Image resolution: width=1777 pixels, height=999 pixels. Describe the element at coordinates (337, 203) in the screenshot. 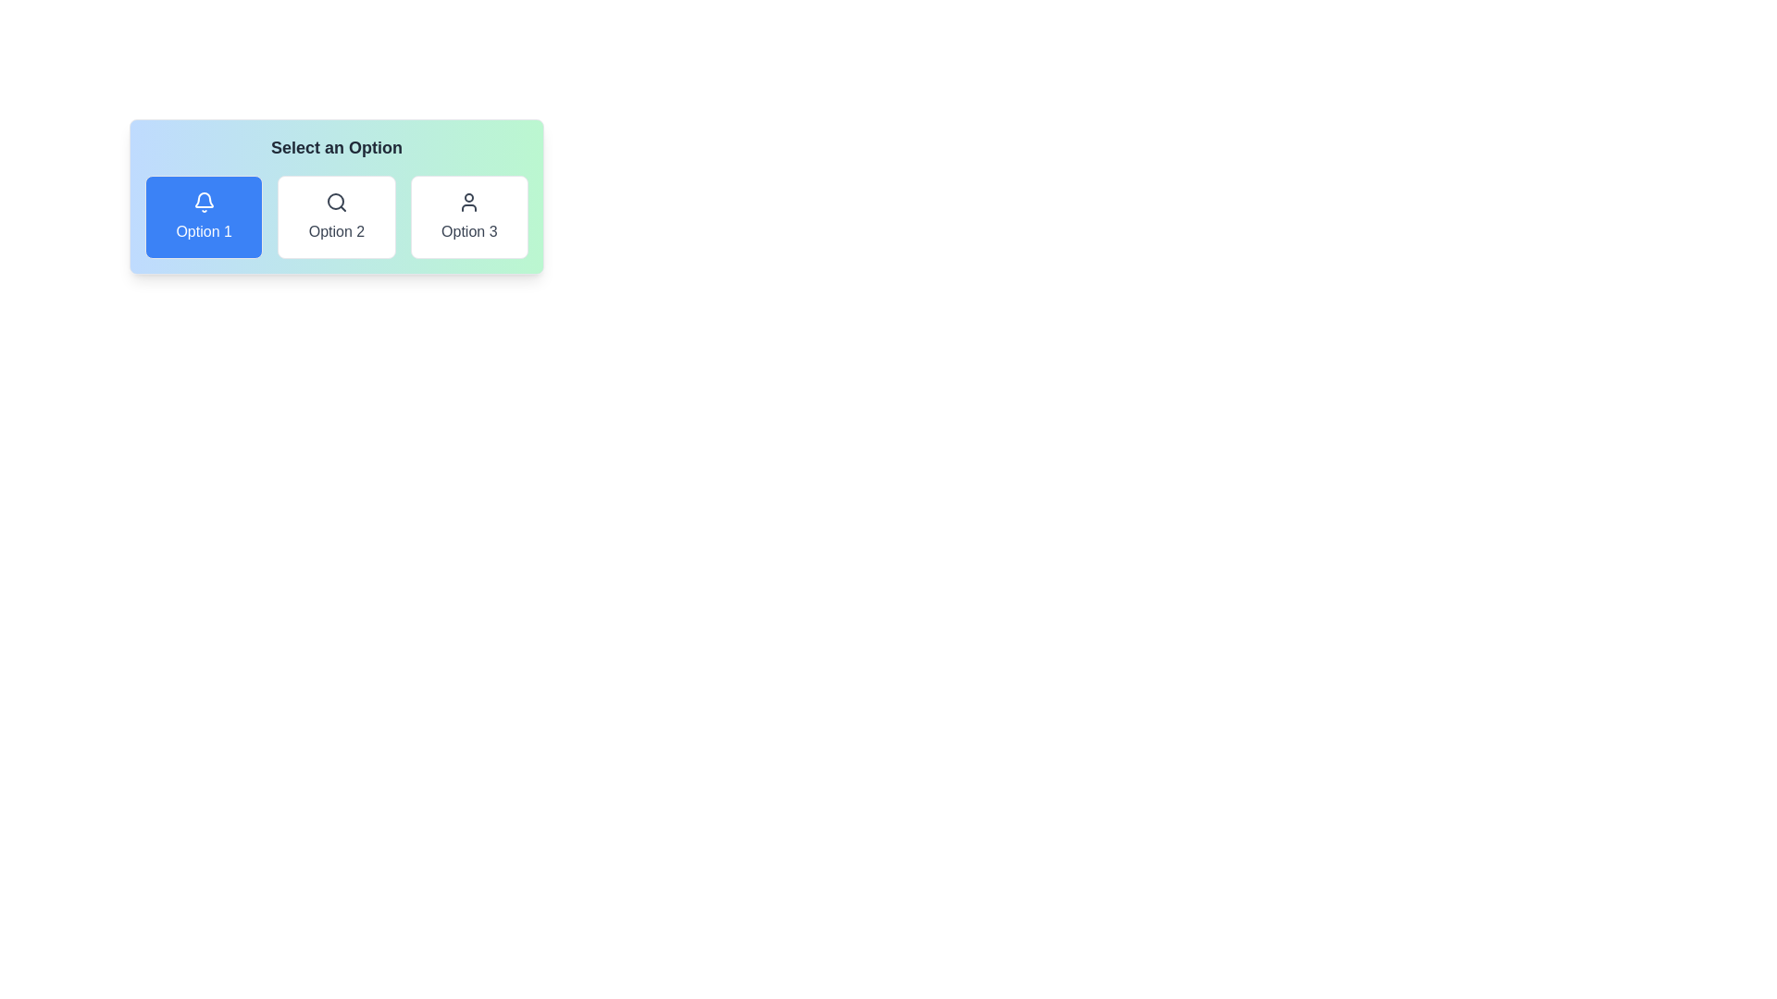

I see `the search icon, which is a magnifying glass shape outlined in dark color, located in the center-right of the tile labeled 'Option 2'` at that location.